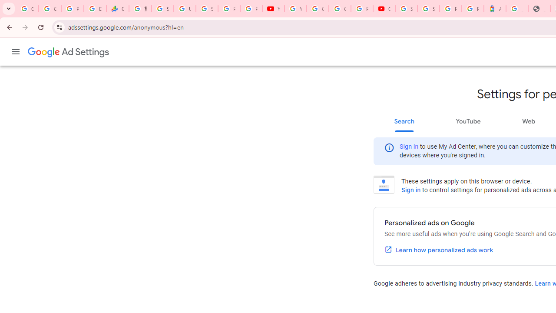  What do you see at coordinates (495, 9) in the screenshot?
I see `'Atour Hotel - Google hotels'` at bounding box center [495, 9].